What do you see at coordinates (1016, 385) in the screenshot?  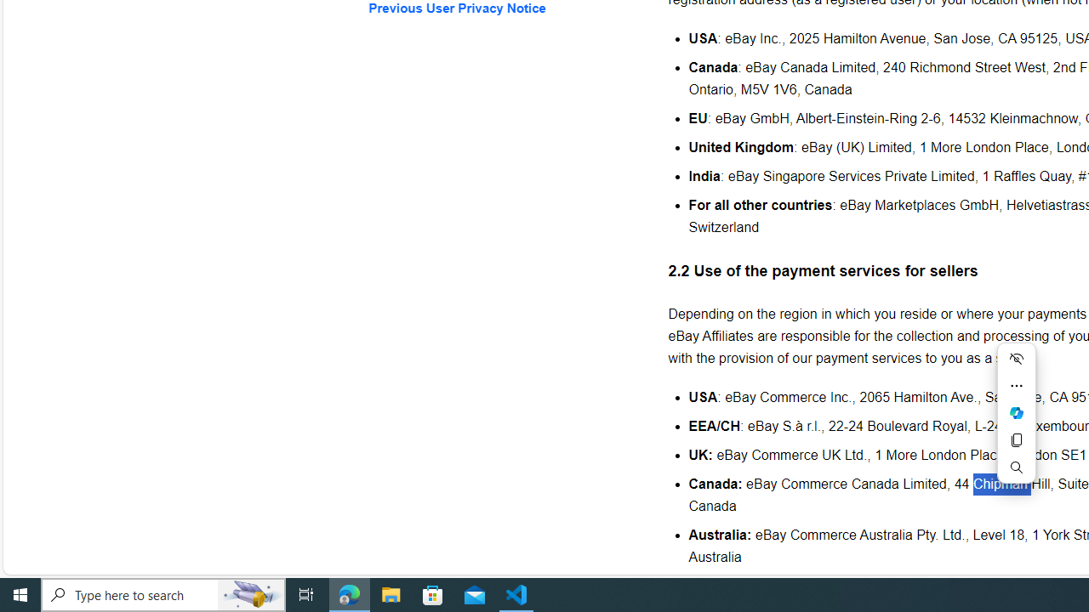 I see `'More actions'` at bounding box center [1016, 385].